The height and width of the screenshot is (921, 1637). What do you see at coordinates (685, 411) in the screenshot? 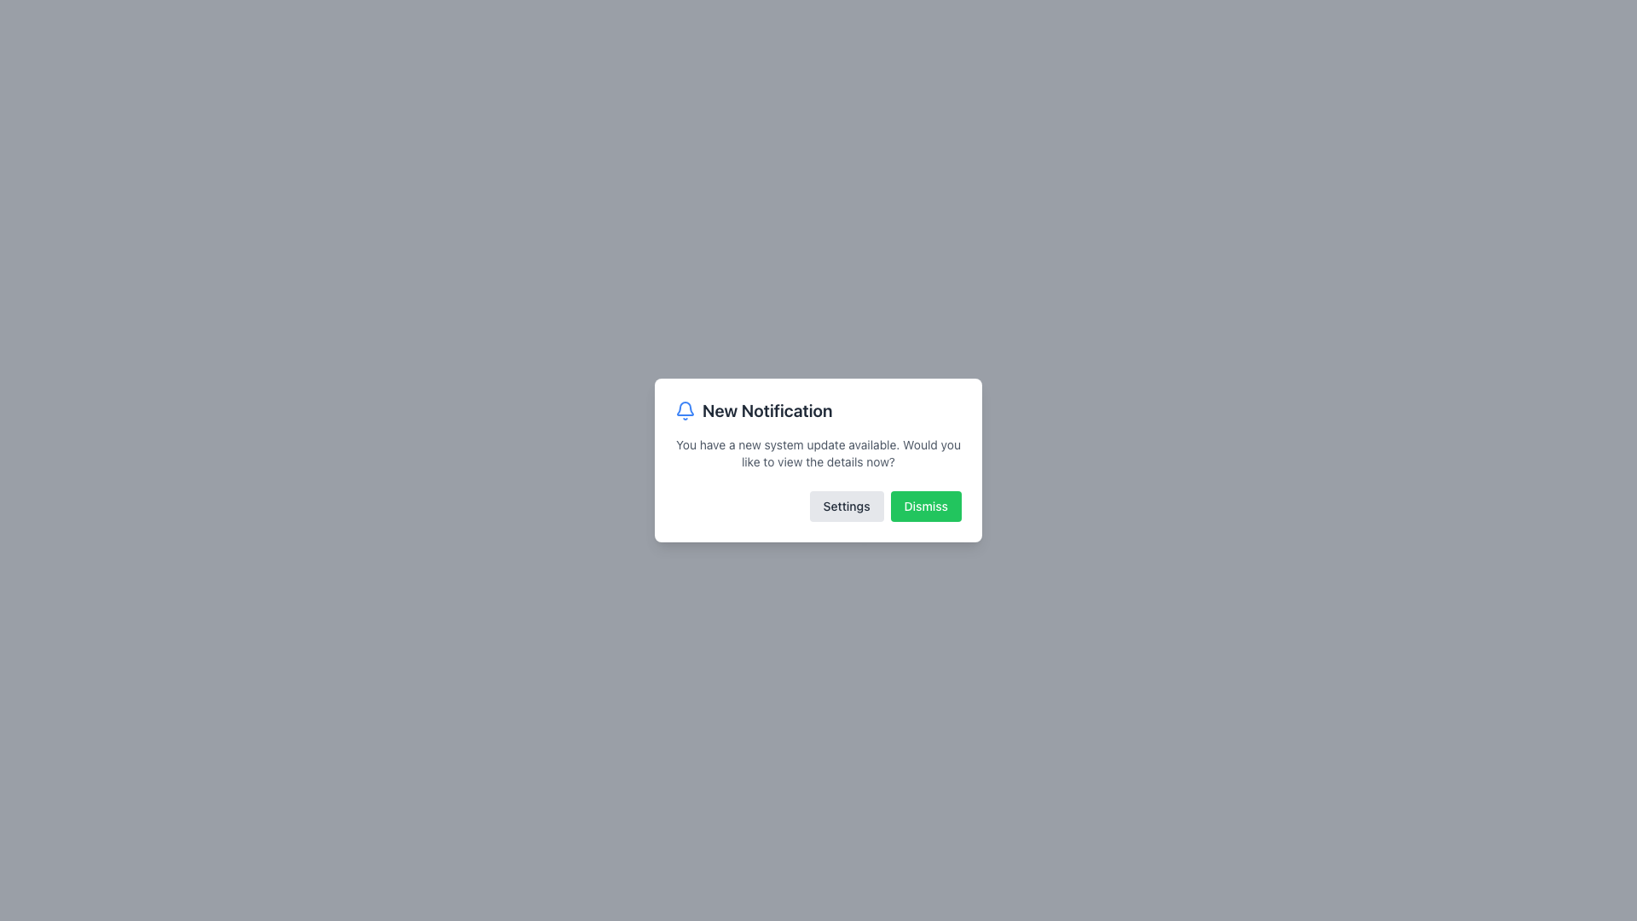
I see `the bell-shaped notification icon with a blue outline located in the header of the modal window, next to the title 'New Notification'` at bounding box center [685, 411].